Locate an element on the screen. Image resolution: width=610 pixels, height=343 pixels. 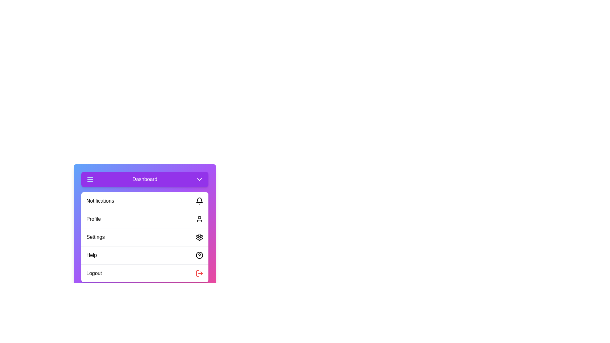
the icon next to the menu item Help is located at coordinates (199, 255).